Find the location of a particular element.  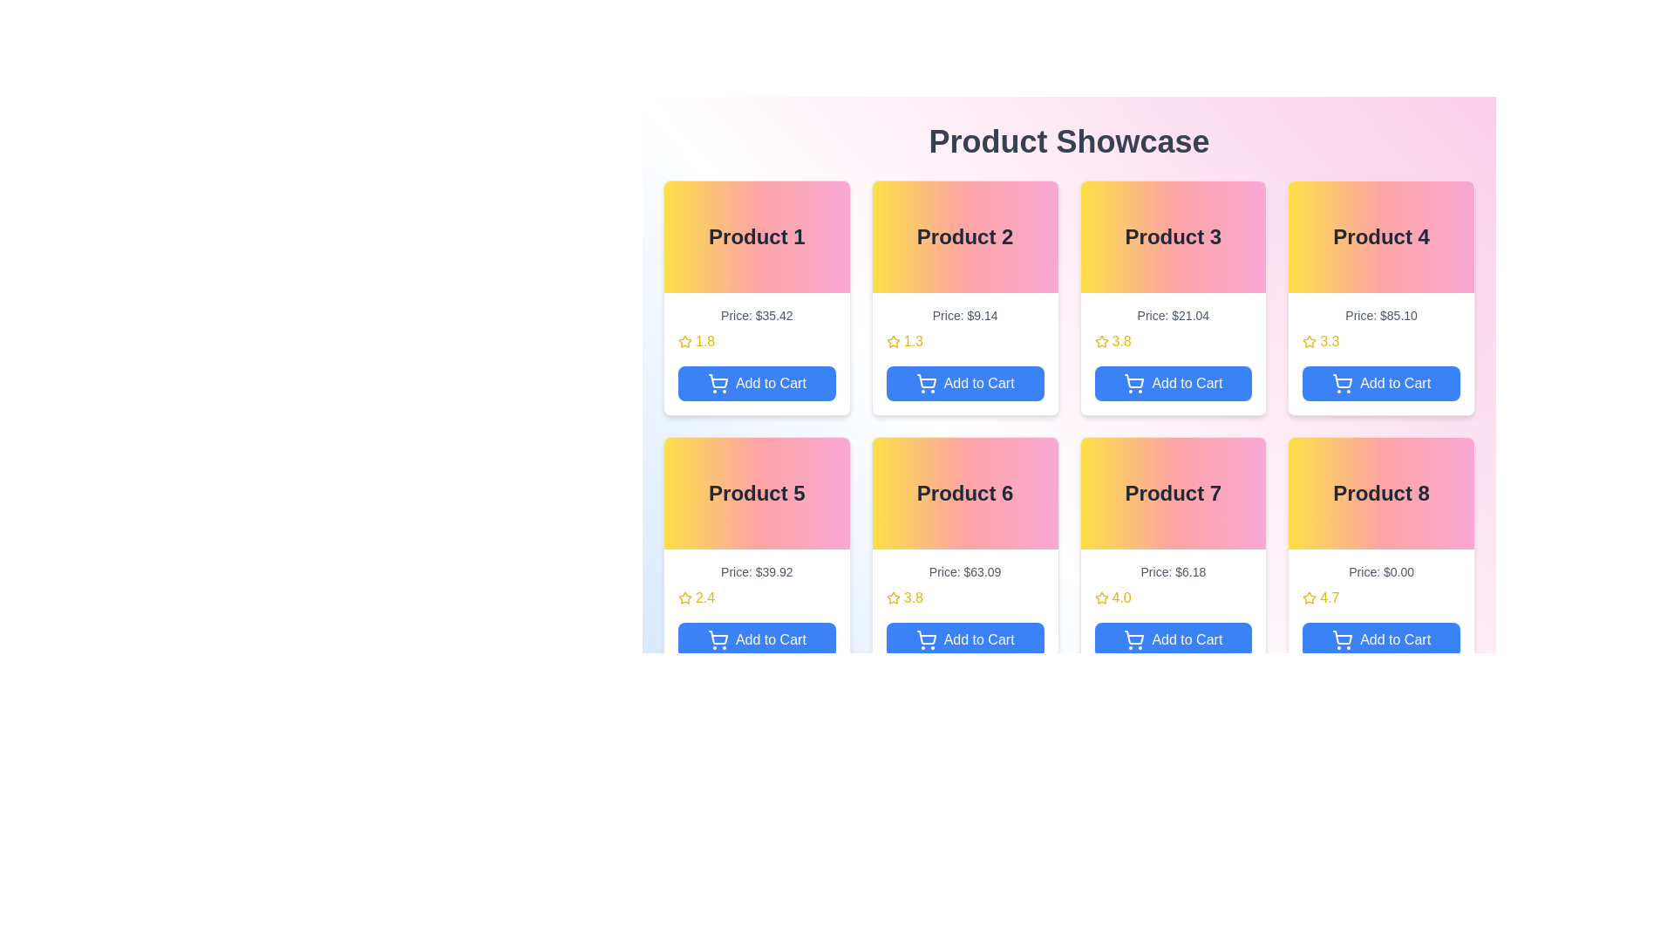

the shopping cart icon within the blue 'Add to Cart' button under 'Product 1' is located at coordinates (718, 380).